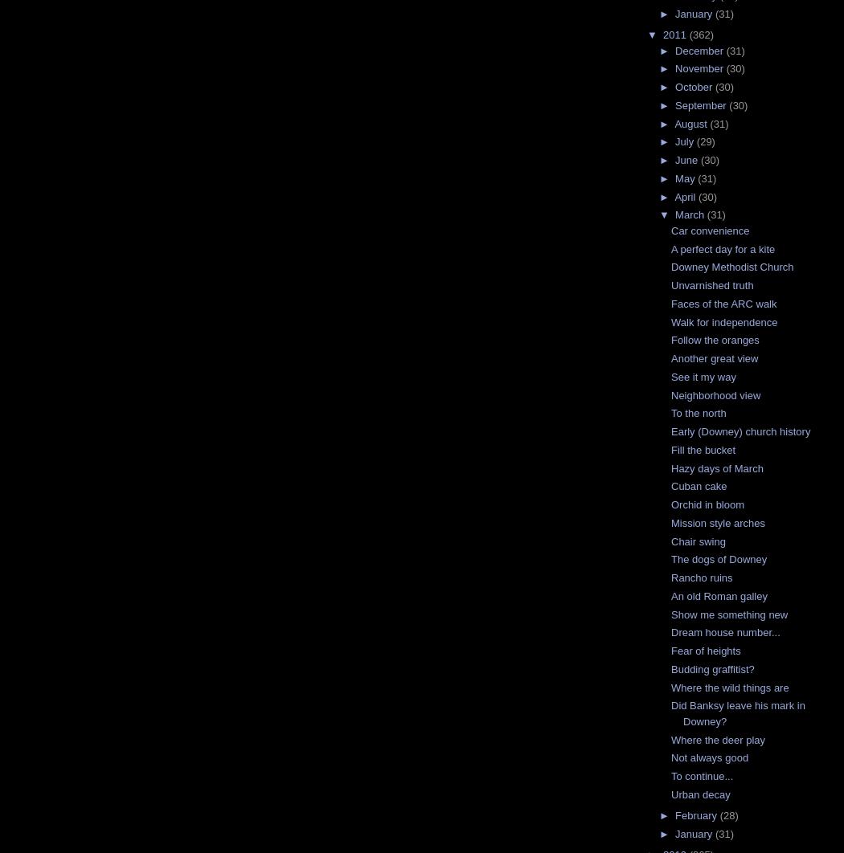 This screenshot has width=844, height=853. What do you see at coordinates (709, 757) in the screenshot?
I see `'Not always good'` at bounding box center [709, 757].